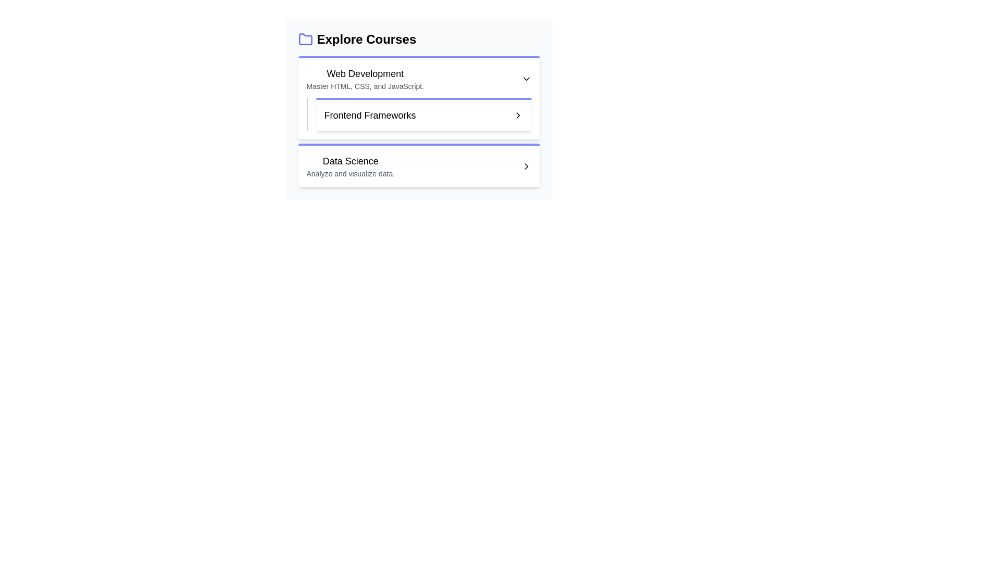 The width and height of the screenshot is (1000, 562). I want to click on the interactive card with text and an icon in the 'Explore Courses' section, so click(419, 109).